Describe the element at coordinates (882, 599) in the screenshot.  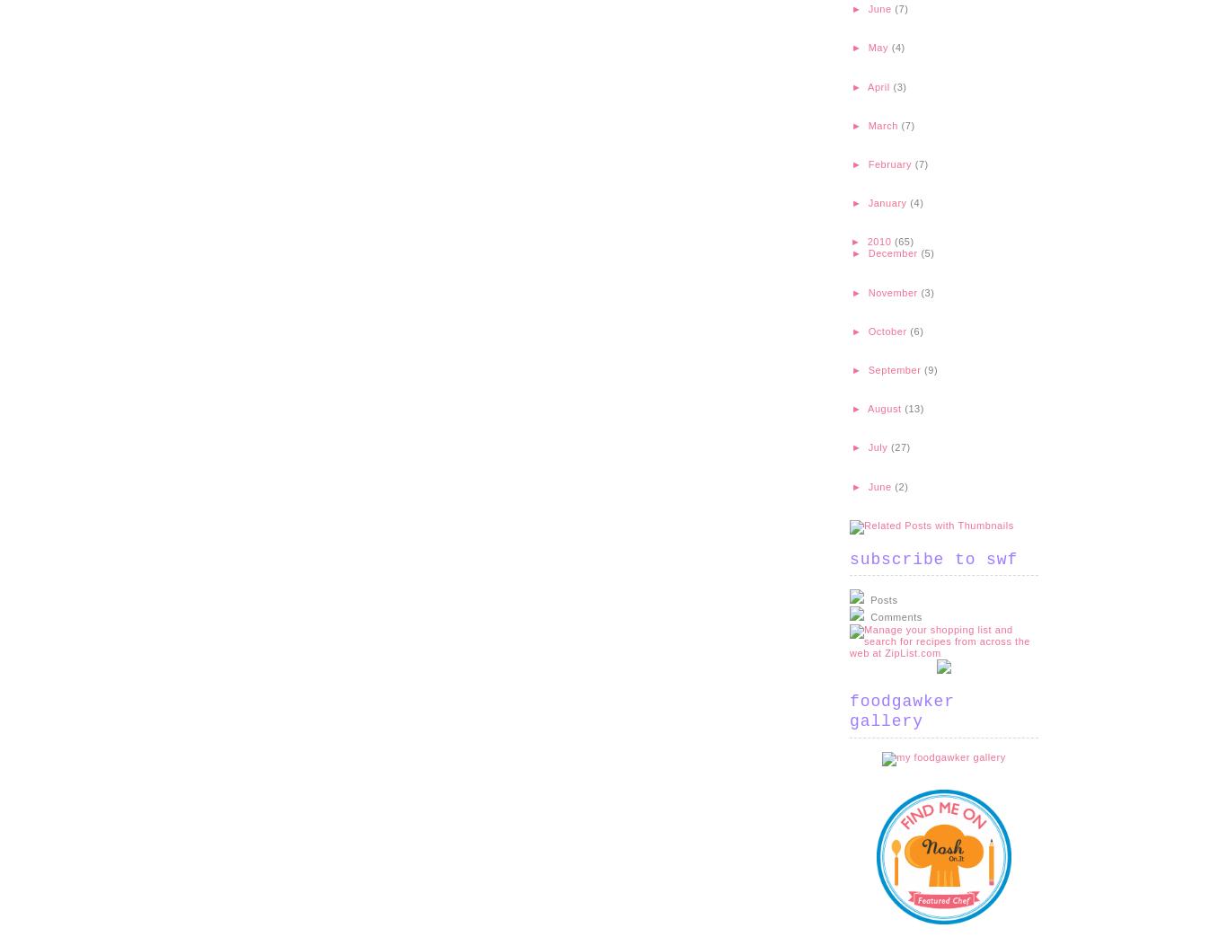
I see `'Posts'` at that location.